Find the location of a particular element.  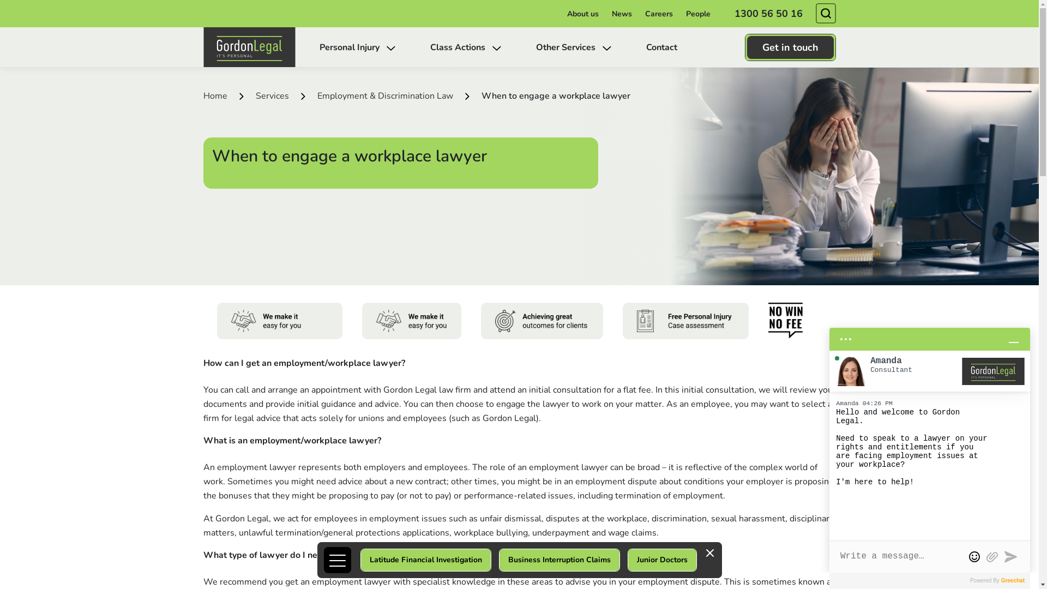

'About us' is located at coordinates (582, 14).